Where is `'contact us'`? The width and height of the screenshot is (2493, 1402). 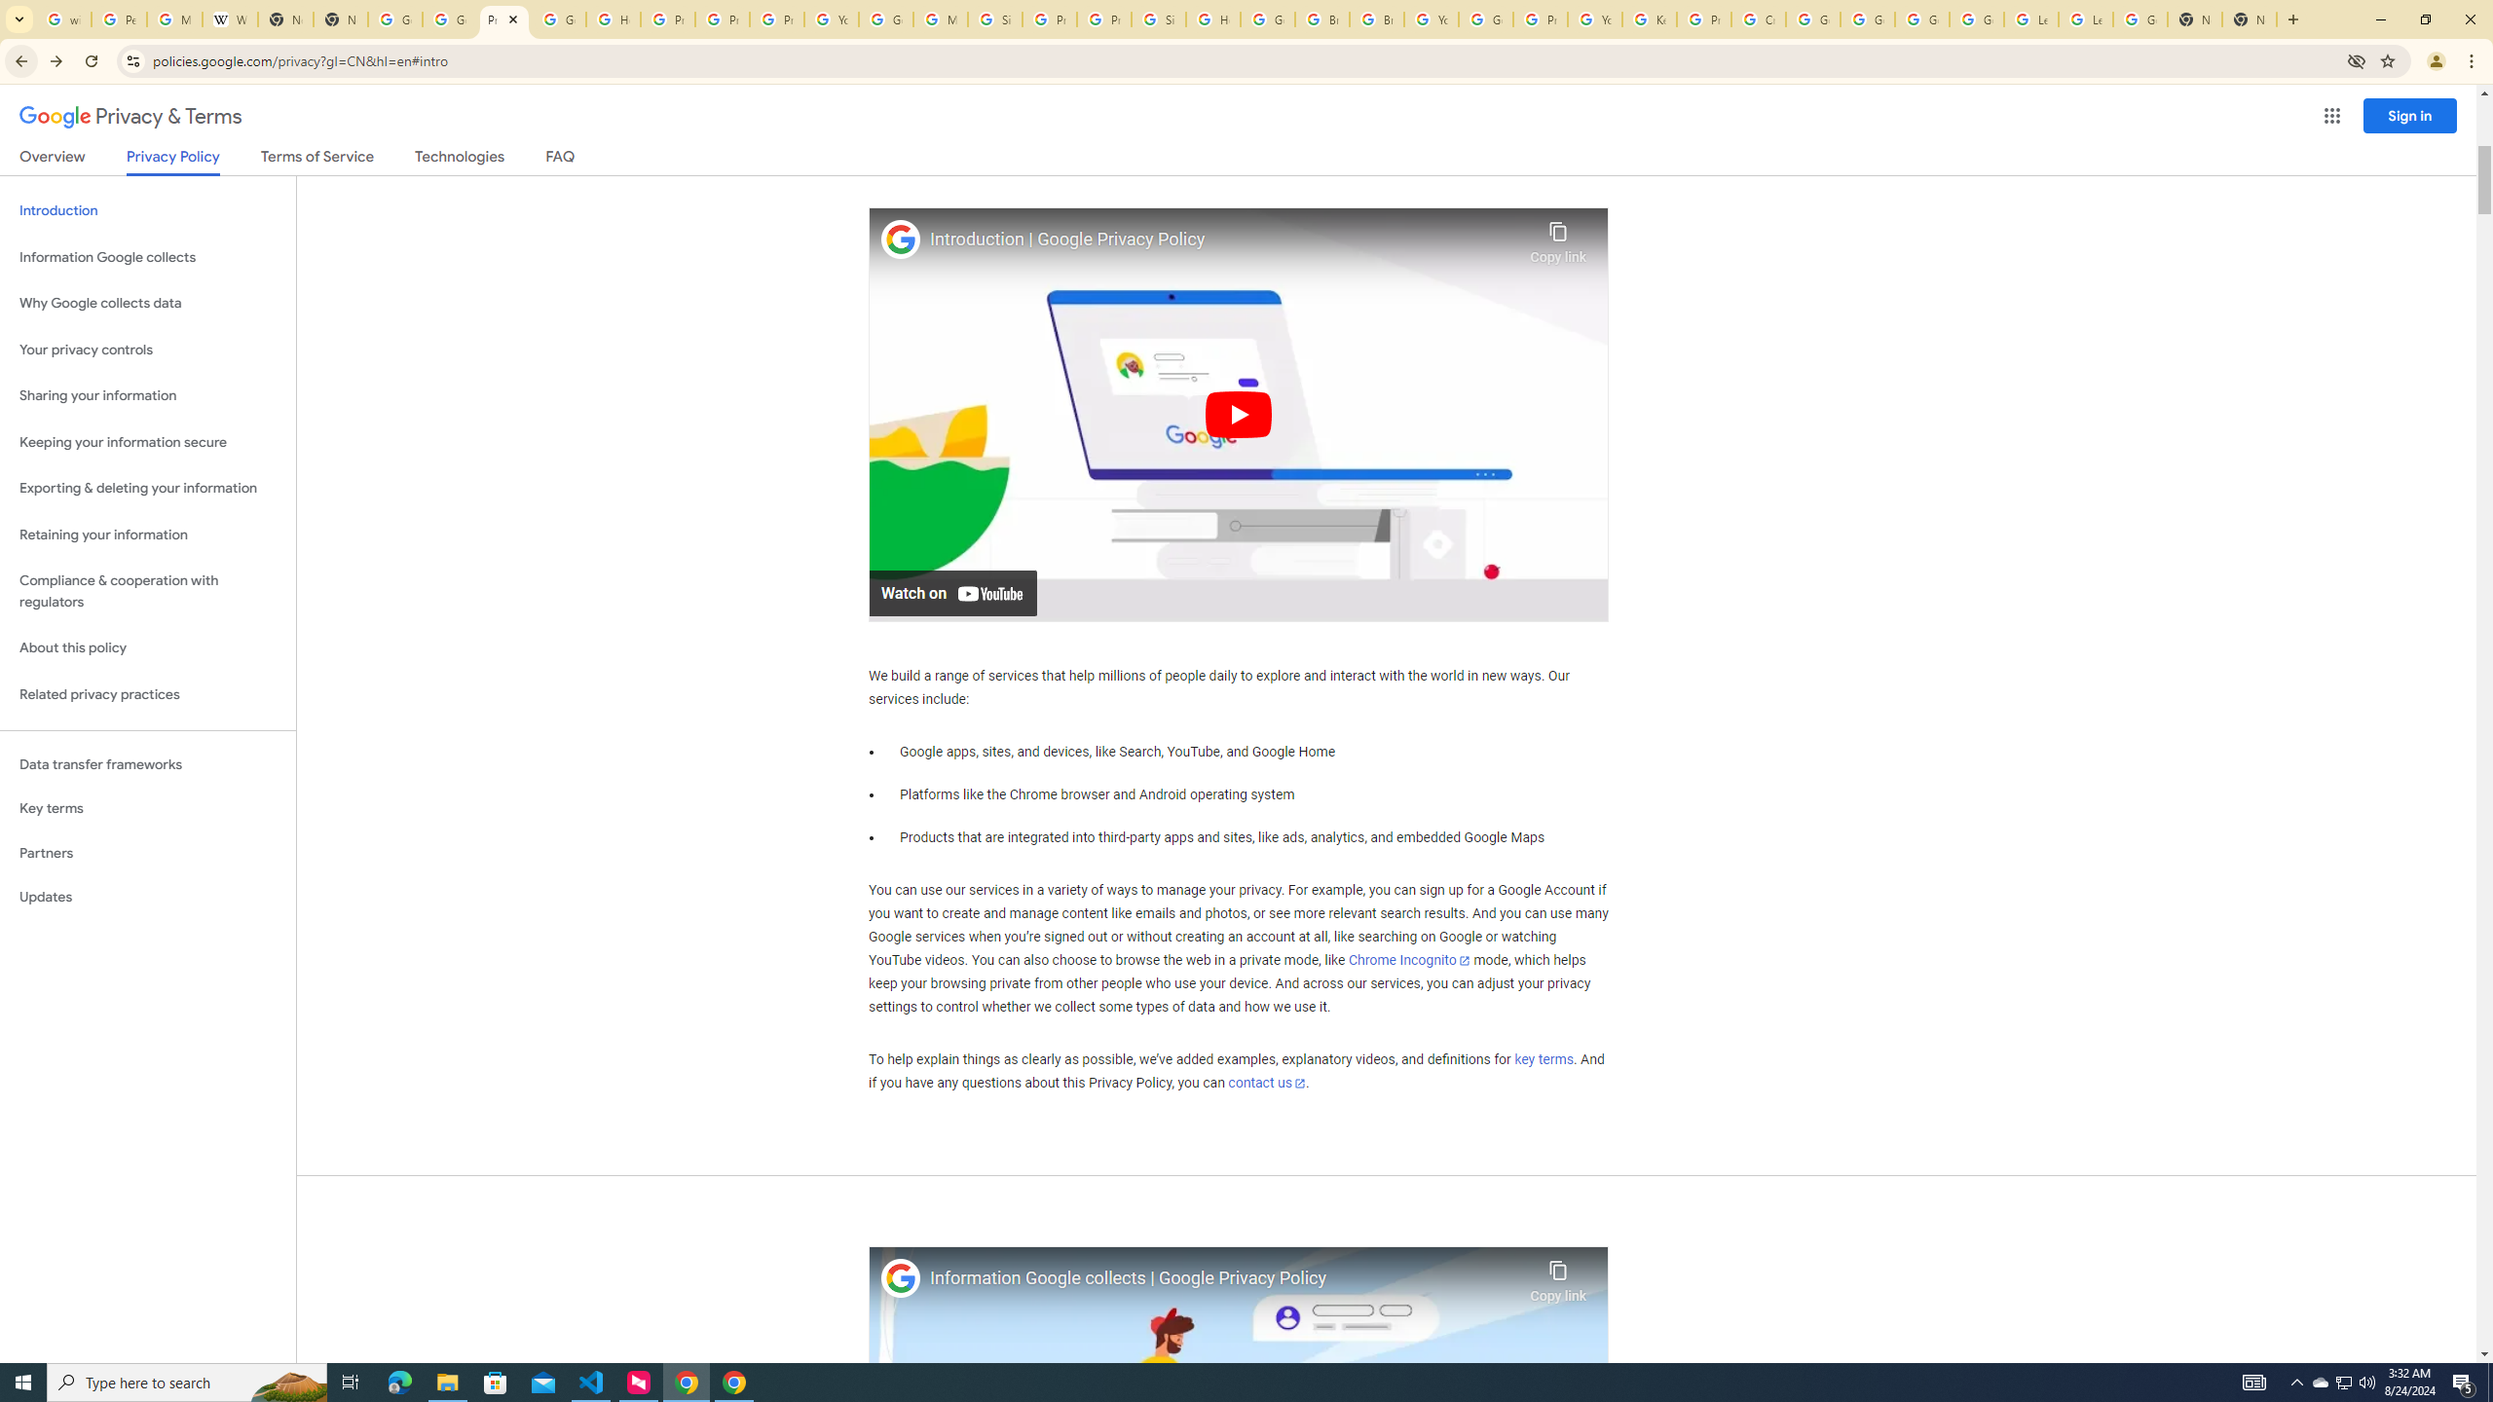 'contact us' is located at coordinates (1266, 1083).